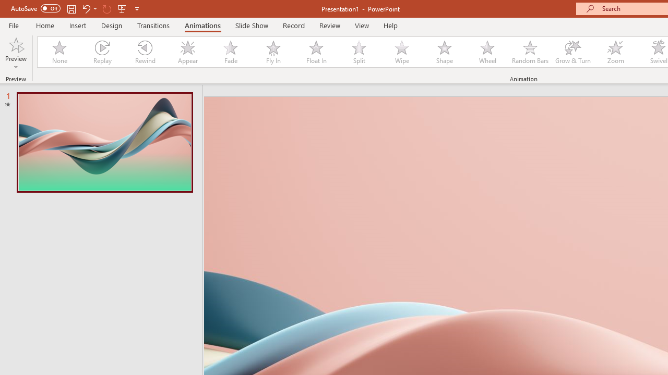  I want to click on 'Wipe', so click(401, 52).